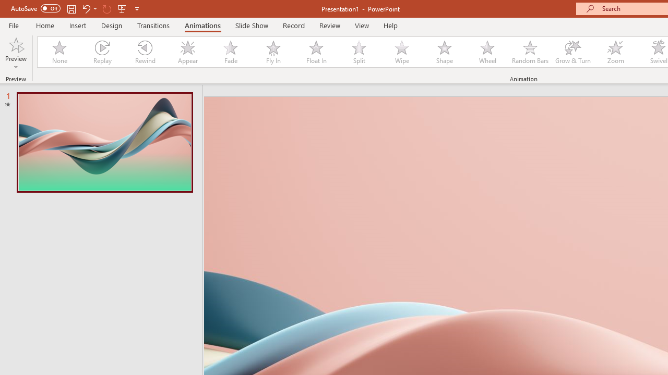  I want to click on 'Wipe', so click(401, 52).